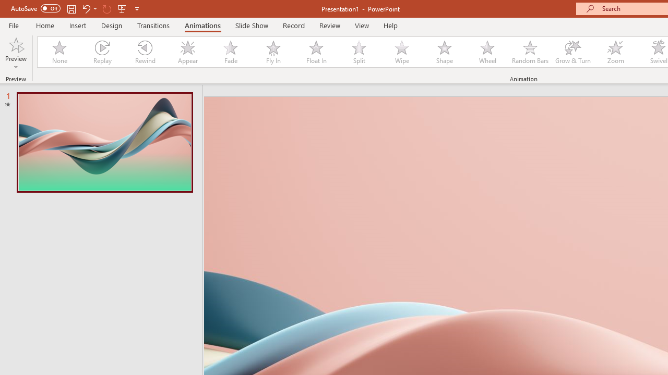  I want to click on 'Wipe', so click(401, 52).